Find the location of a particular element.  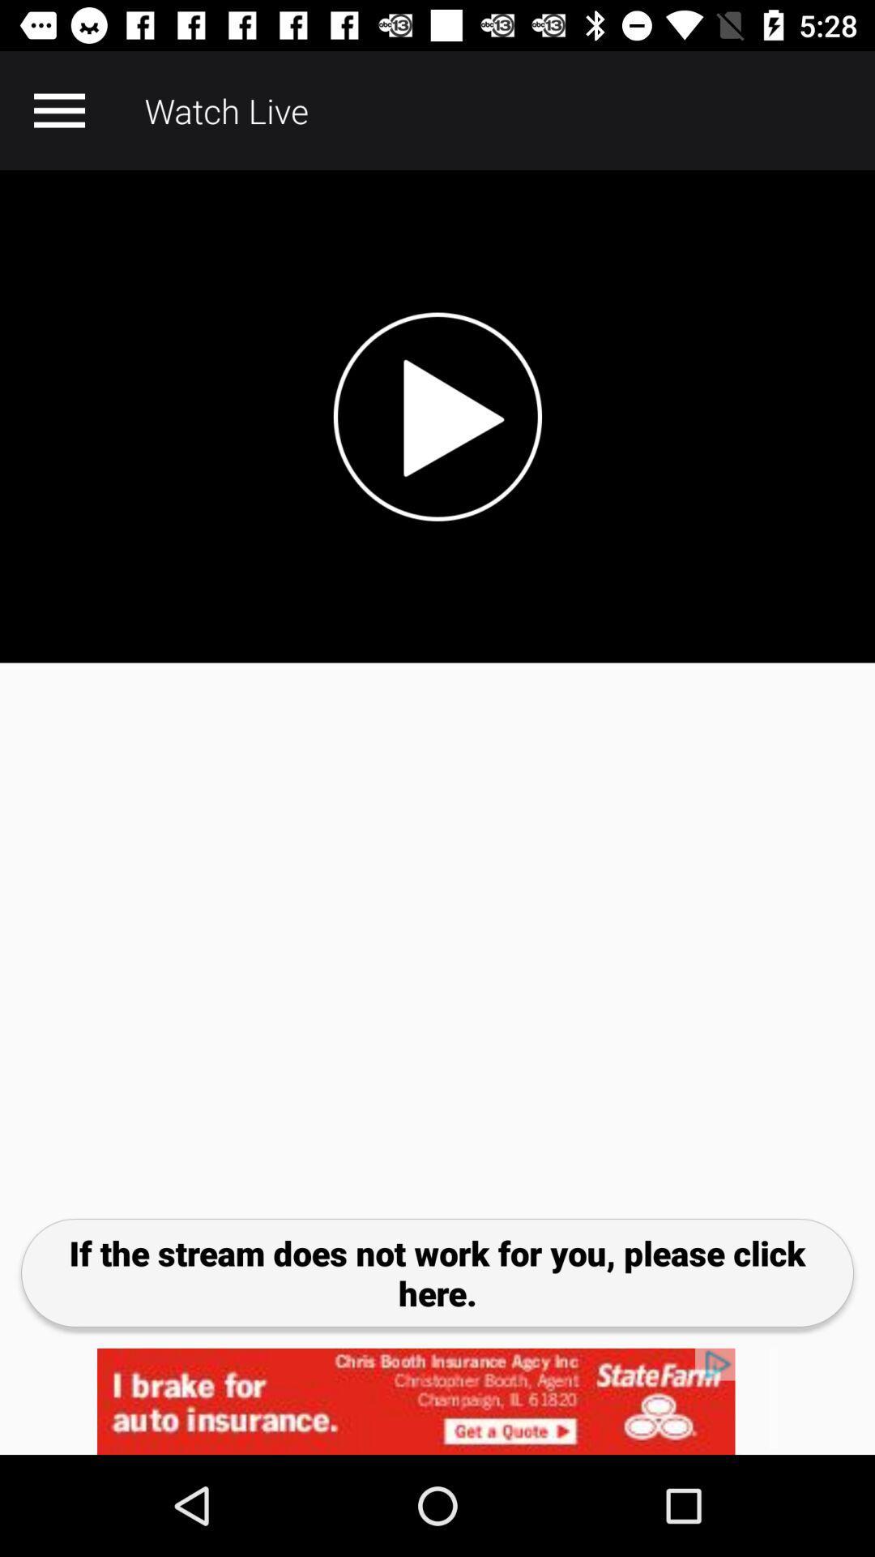

open menu is located at coordinates (58, 109).